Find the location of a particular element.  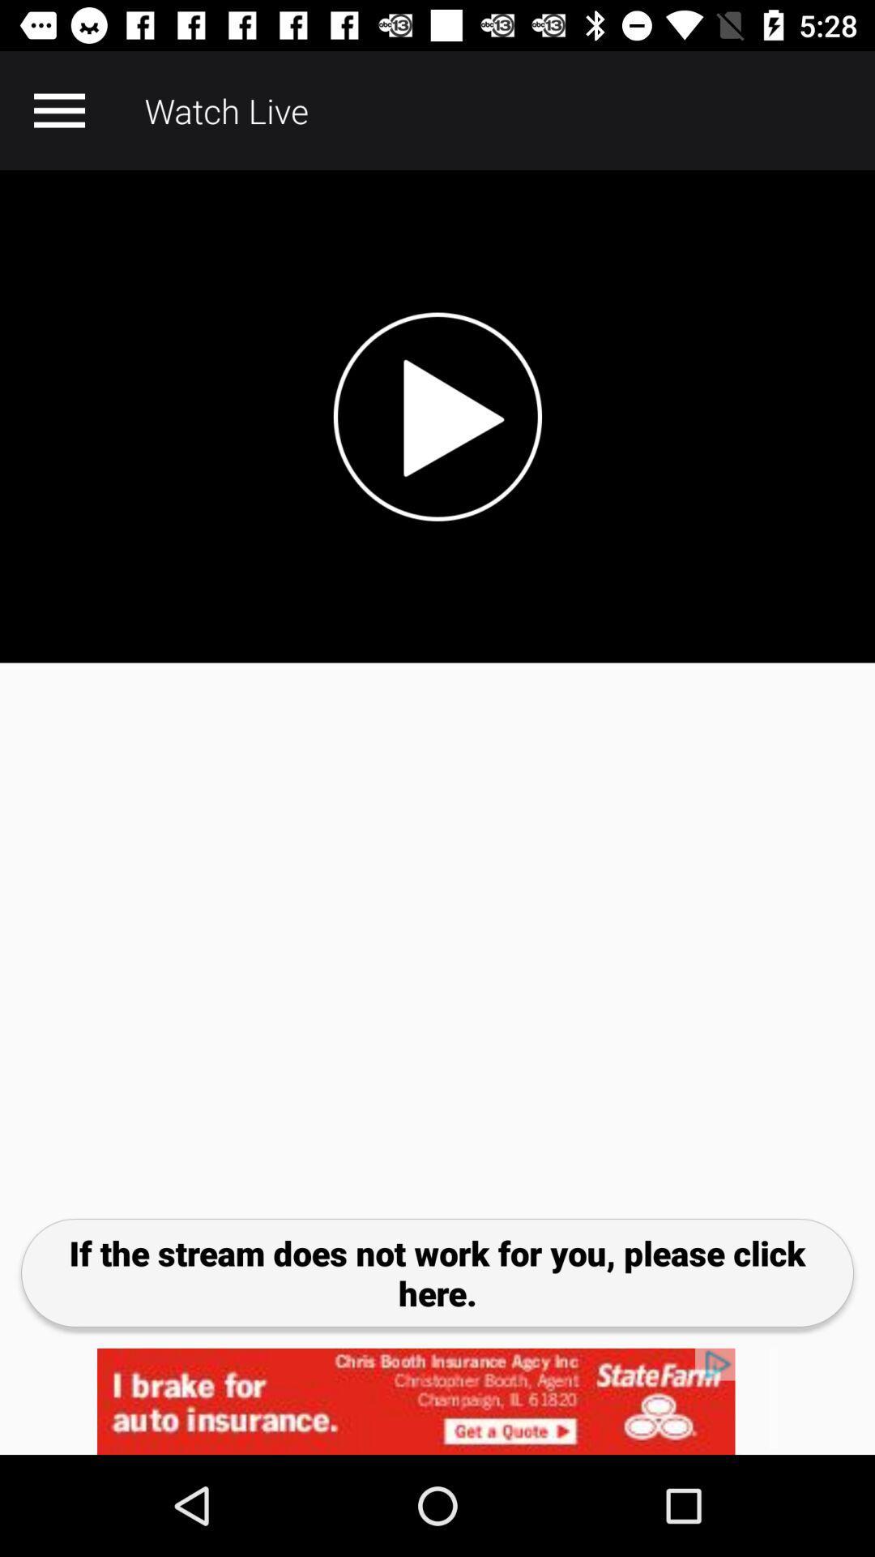

open menu is located at coordinates (58, 109).